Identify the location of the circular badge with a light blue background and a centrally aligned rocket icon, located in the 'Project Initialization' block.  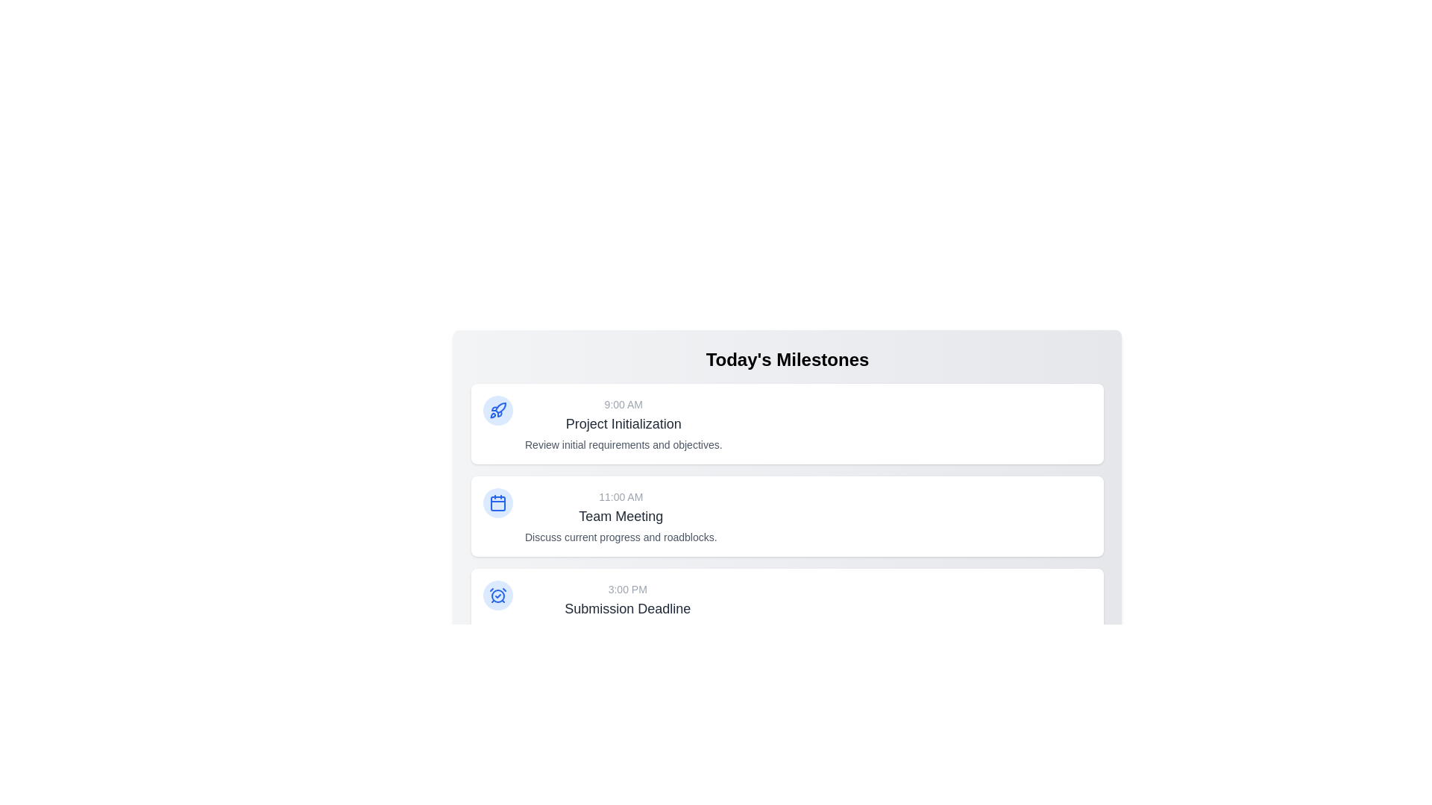
(497, 411).